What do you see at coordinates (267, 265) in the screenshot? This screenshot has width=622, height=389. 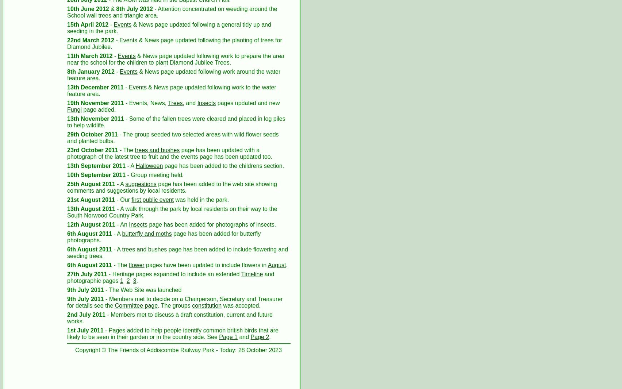 I see `'August'` at bounding box center [267, 265].